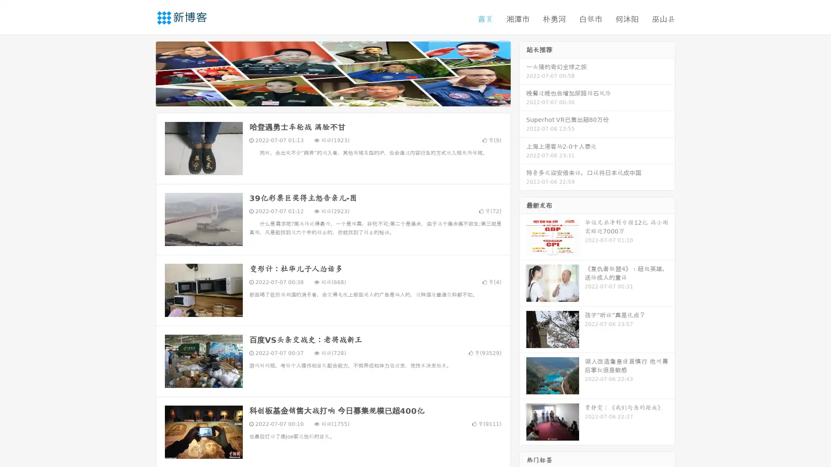 Image resolution: width=831 pixels, height=467 pixels. I want to click on Next slide, so click(523, 73).